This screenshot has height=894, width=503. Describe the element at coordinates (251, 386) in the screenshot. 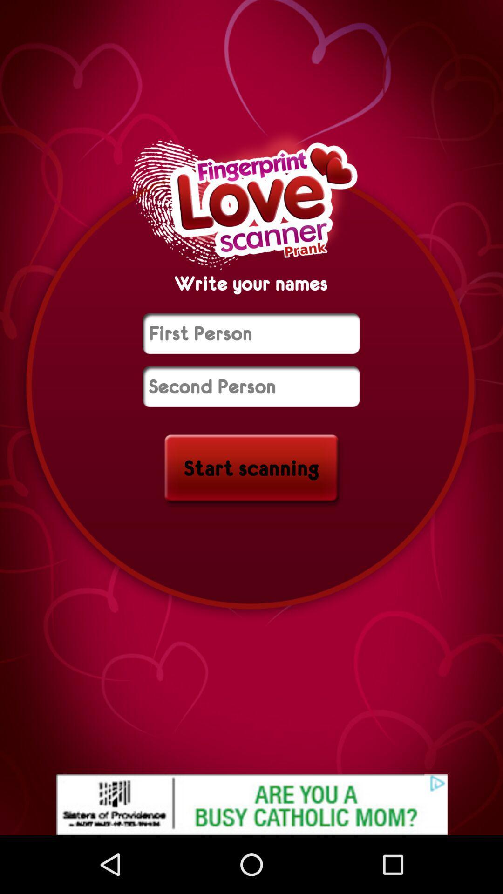

I see `second person name` at that location.